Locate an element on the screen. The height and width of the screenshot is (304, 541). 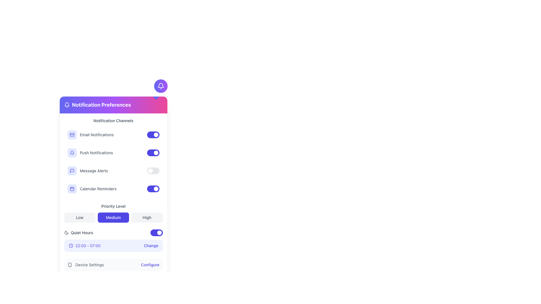
the Toggleable list item labeled 'Message Alerts' in the 'Notification Channels' section, which is the third interactive row is located at coordinates (113, 170).